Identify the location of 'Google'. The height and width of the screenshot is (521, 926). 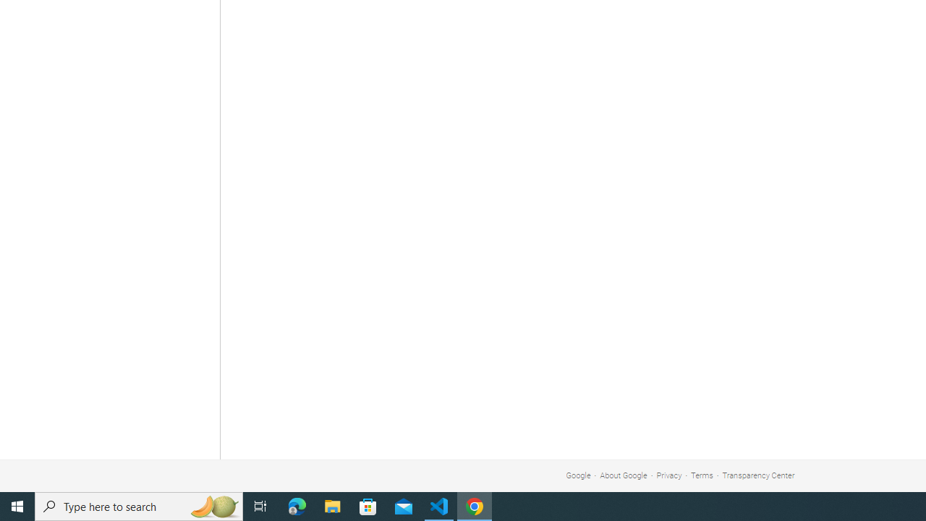
(577, 475).